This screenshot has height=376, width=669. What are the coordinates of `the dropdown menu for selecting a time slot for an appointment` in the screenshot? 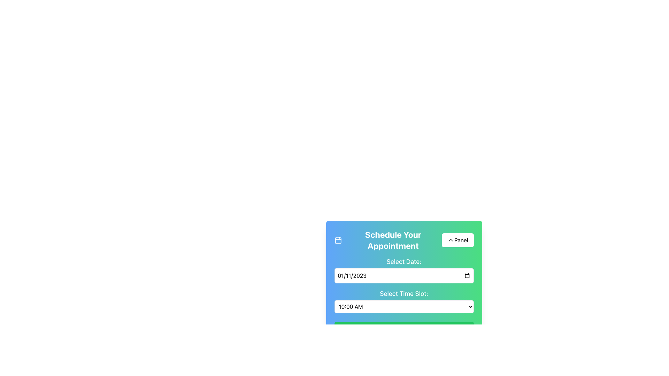 It's located at (404, 306).